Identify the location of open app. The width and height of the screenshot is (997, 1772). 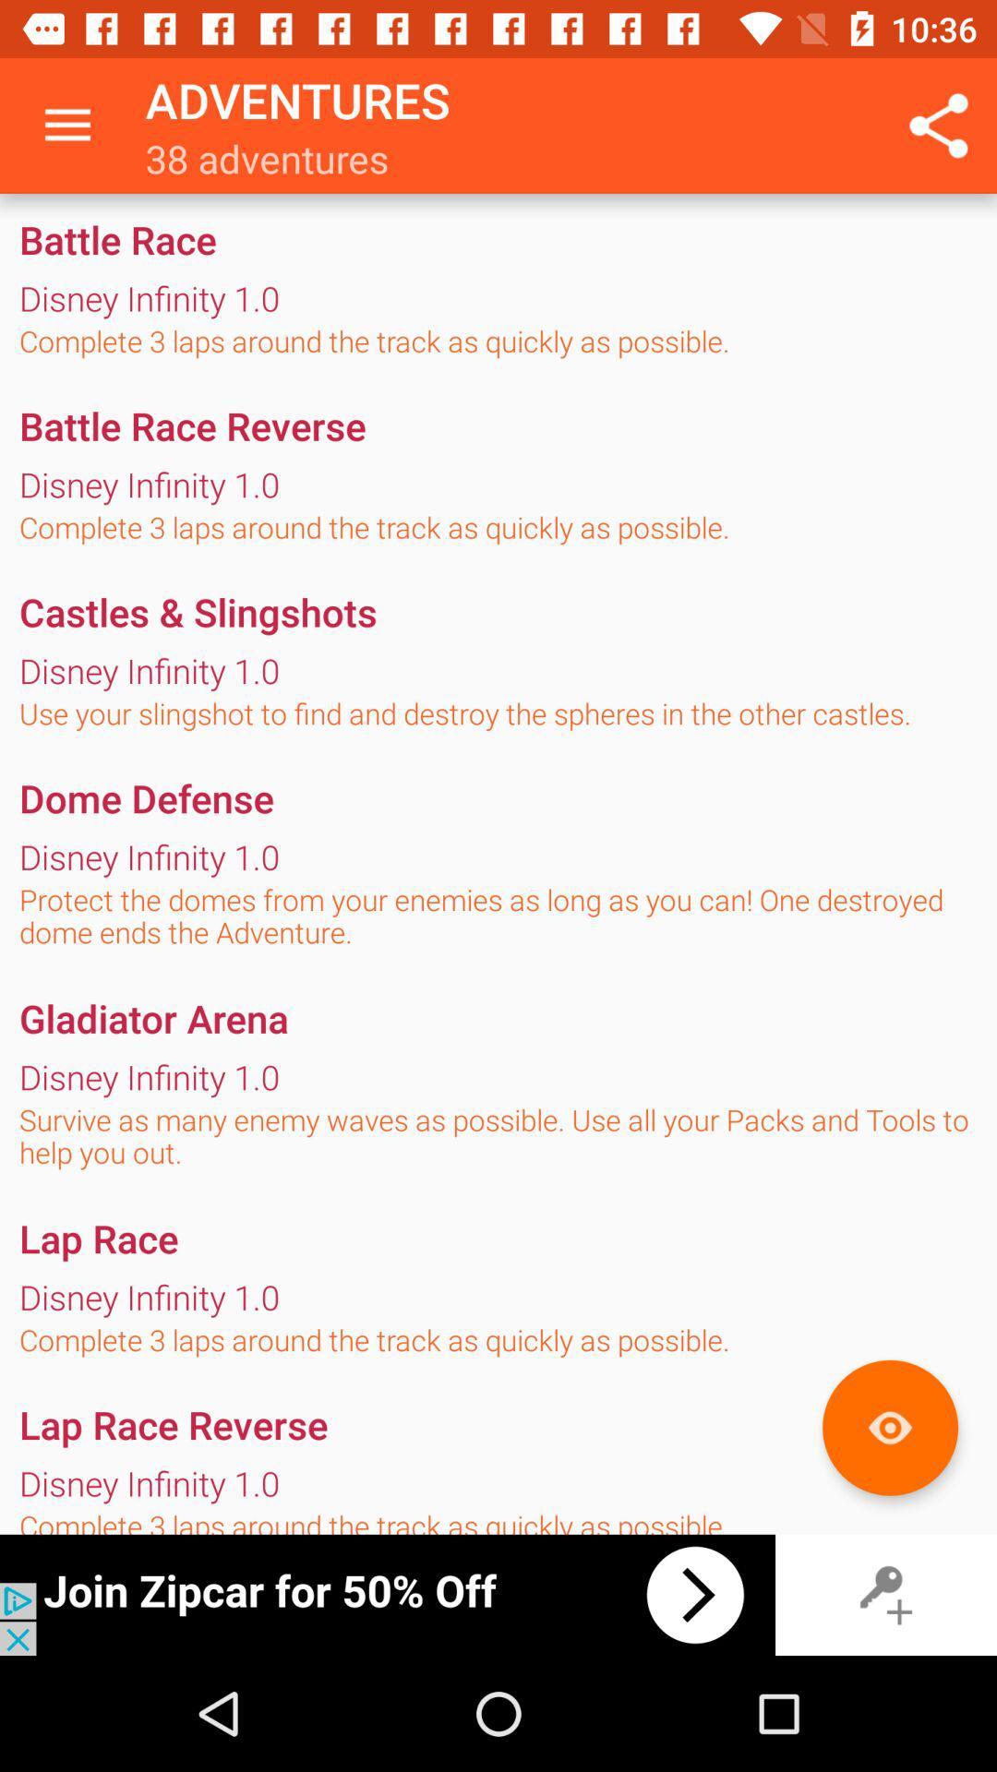
(387, 1594).